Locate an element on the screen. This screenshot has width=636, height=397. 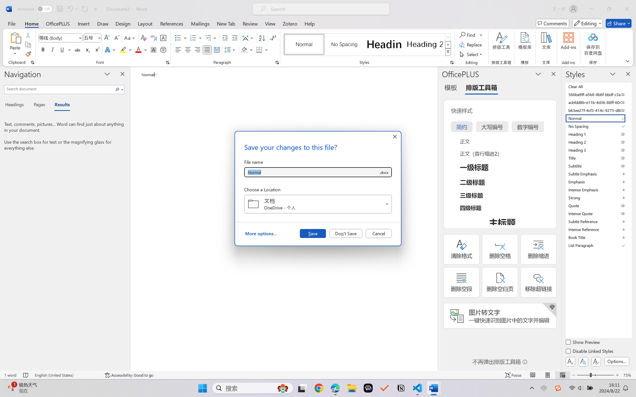
'Mode' is located at coordinates (587, 23).